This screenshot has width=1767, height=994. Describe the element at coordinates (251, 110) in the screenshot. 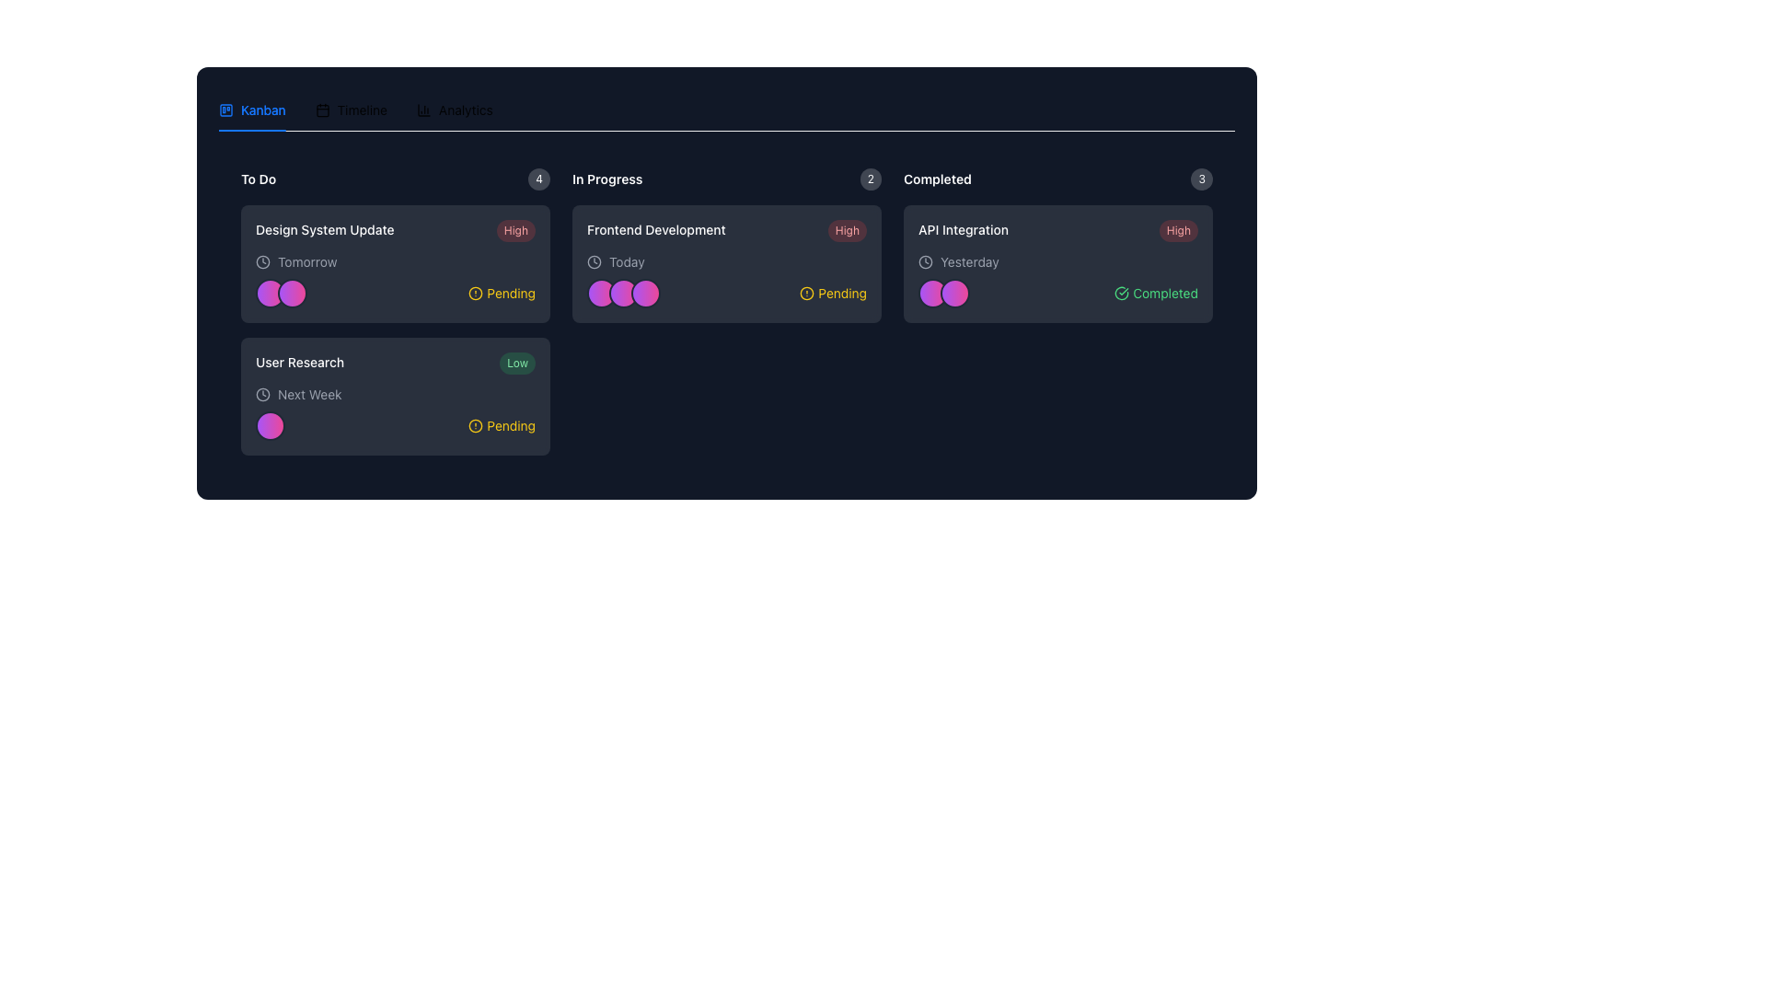

I see `the 'Kanban' tab` at that location.